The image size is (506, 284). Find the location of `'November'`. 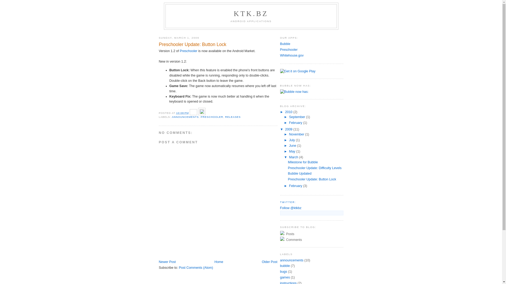

'November' is located at coordinates (297, 134).